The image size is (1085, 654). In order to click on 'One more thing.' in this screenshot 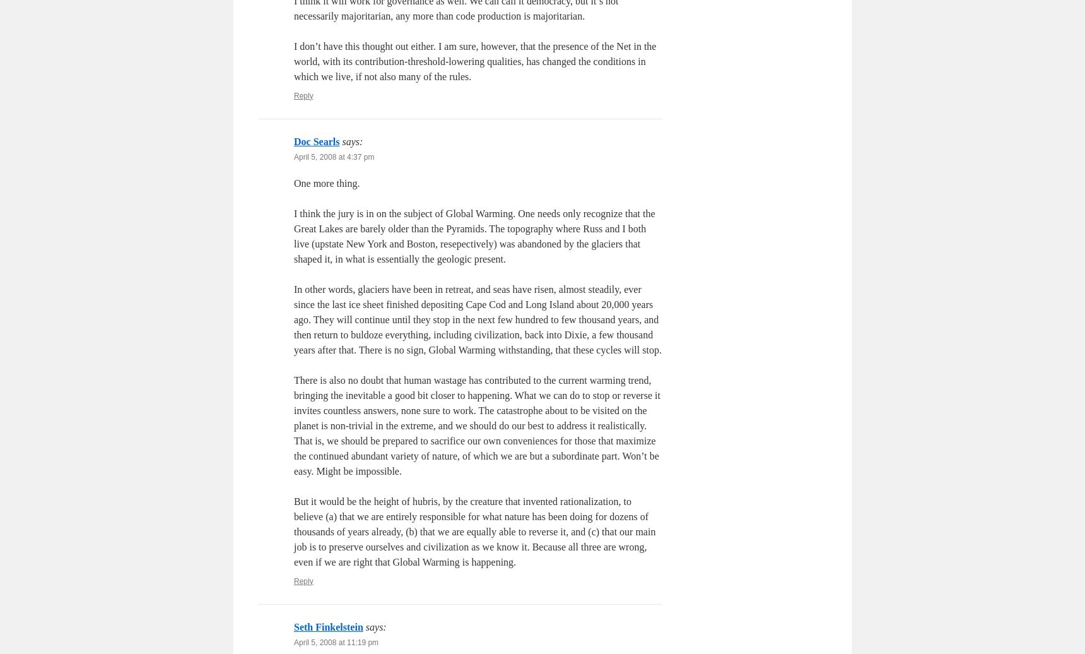, I will do `click(327, 182)`.